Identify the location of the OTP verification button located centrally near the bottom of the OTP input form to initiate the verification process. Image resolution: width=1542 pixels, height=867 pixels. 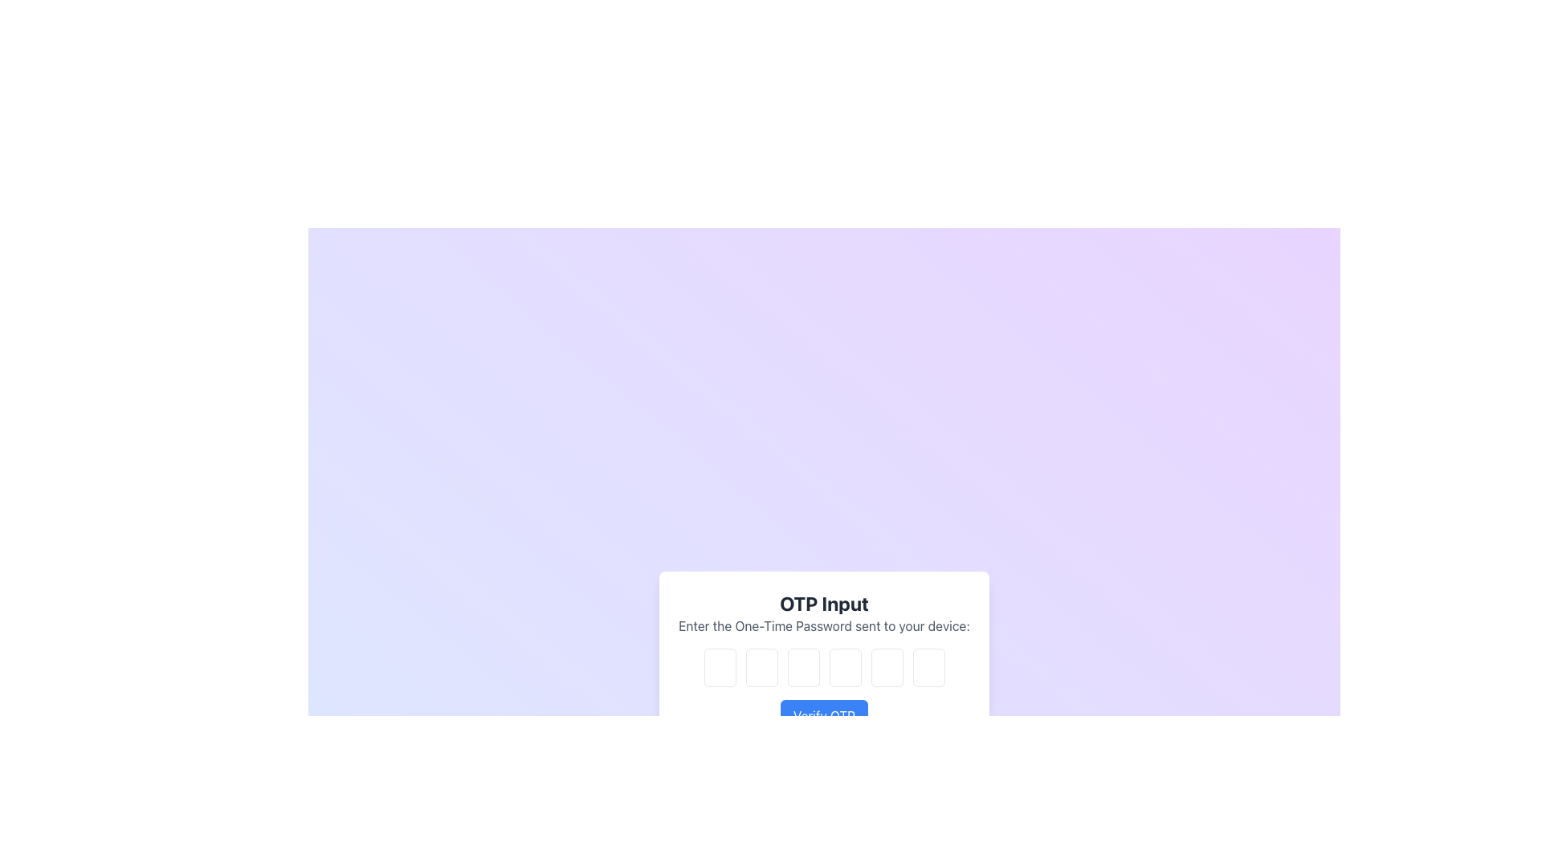
(824, 714).